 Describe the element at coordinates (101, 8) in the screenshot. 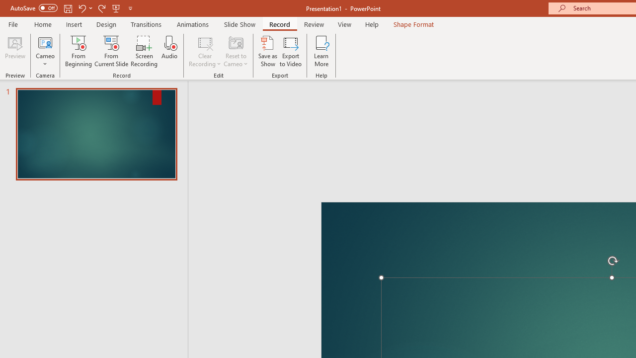

I see `'Redo'` at that location.